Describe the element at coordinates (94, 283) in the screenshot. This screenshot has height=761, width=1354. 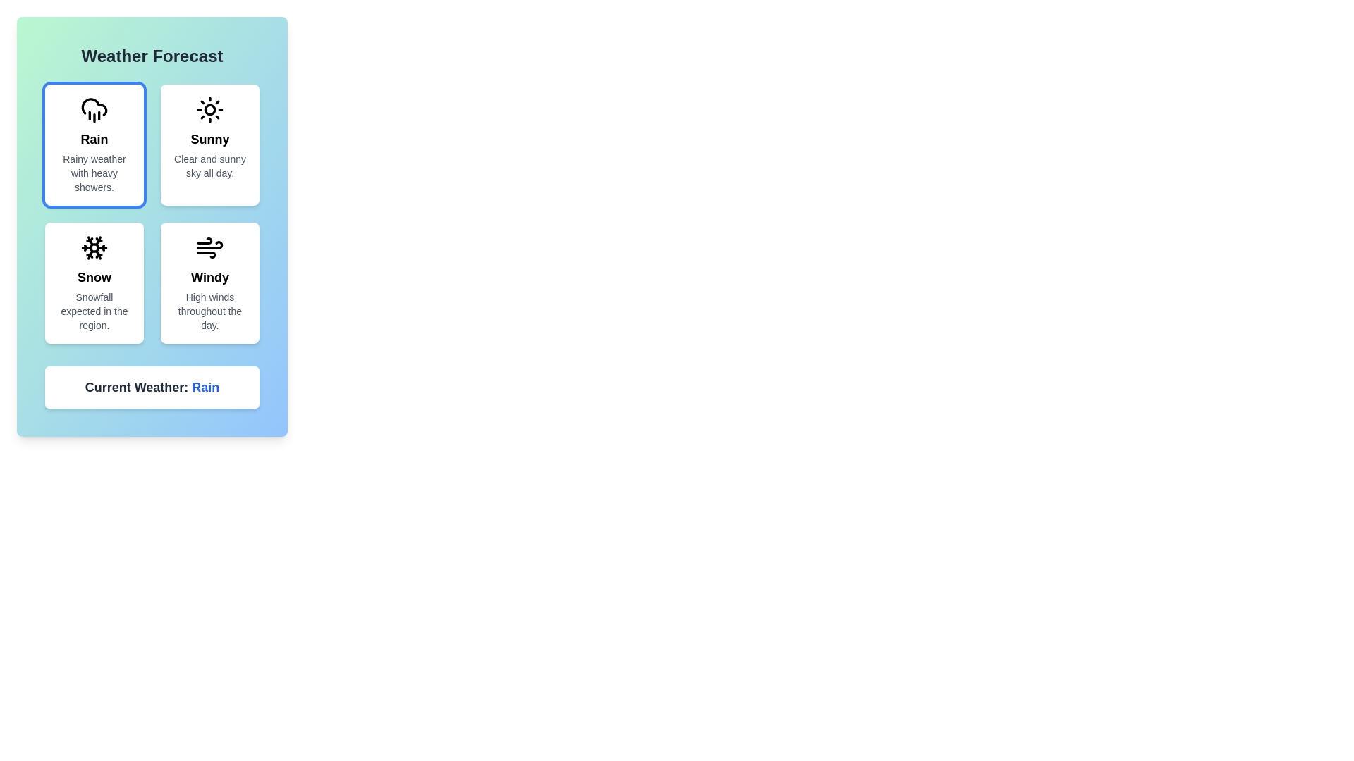
I see `the interactive card titled 'Snow' with a snowflake icon, which describes 'Snowfall expected in the region.'` at that location.